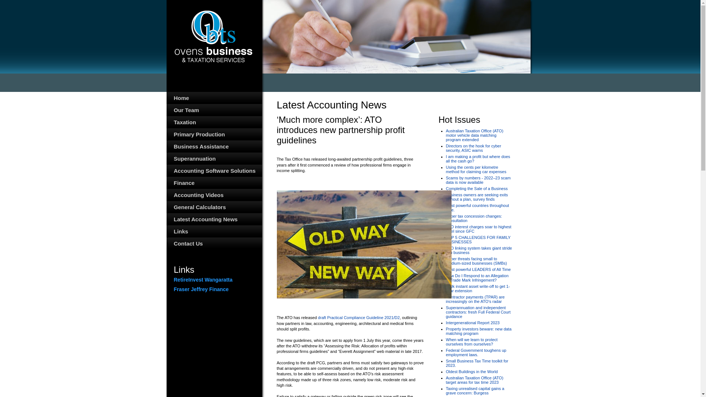 The width and height of the screenshot is (706, 397). What do you see at coordinates (478, 269) in the screenshot?
I see `'Most powerful LEADERS of All Time'` at bounding box center [478, 269].